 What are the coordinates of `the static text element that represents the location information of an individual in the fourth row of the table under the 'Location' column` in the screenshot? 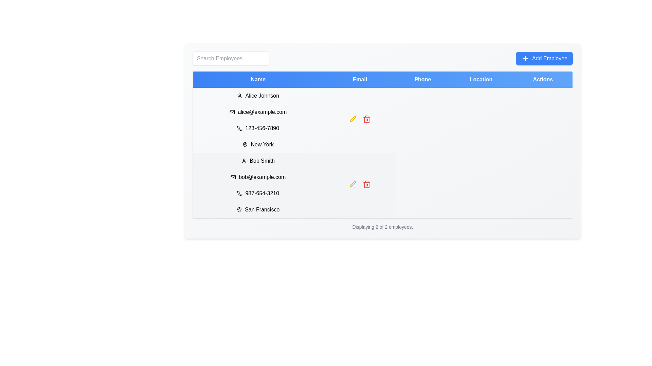 It's located at (258, 209).